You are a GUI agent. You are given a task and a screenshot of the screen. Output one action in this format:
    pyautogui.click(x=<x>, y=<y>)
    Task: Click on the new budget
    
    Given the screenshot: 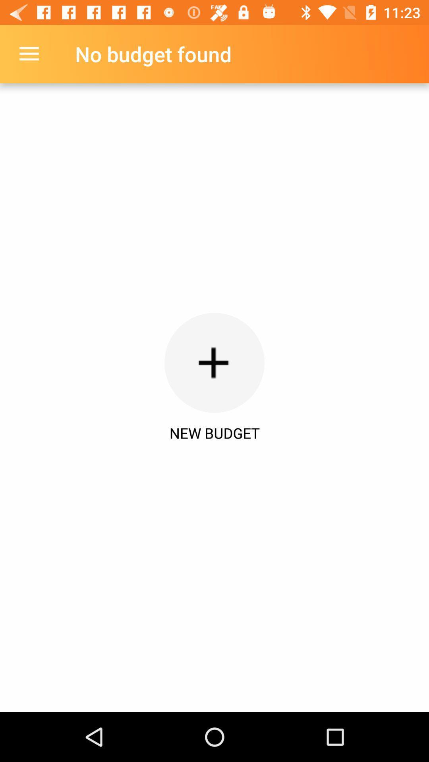 What is the action you would take?
    pyautogui.click(x=214, y=362)
    